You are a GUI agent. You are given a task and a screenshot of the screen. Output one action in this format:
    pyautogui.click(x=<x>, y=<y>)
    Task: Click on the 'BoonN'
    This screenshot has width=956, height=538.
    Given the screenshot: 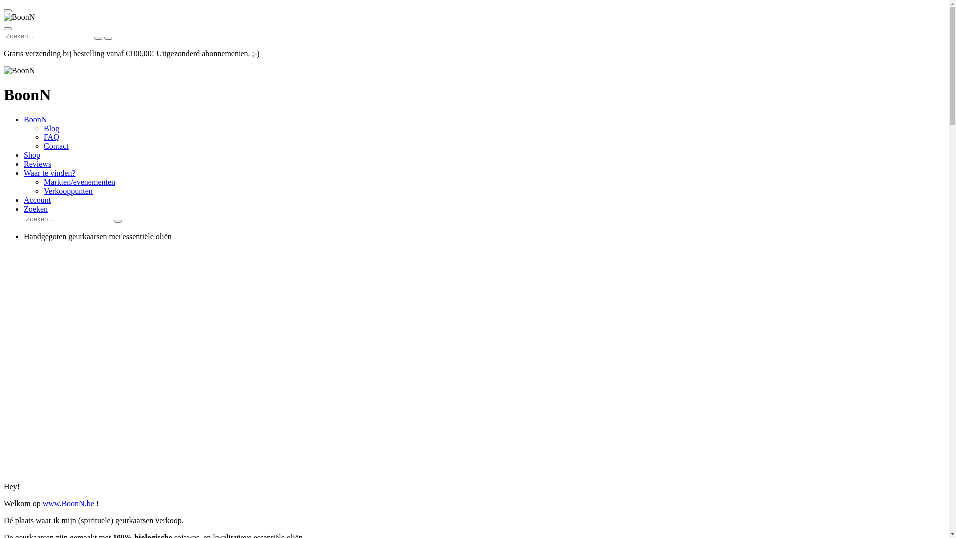 What is the action you would take?
    pyautogui.click(x=35, y=119)
    